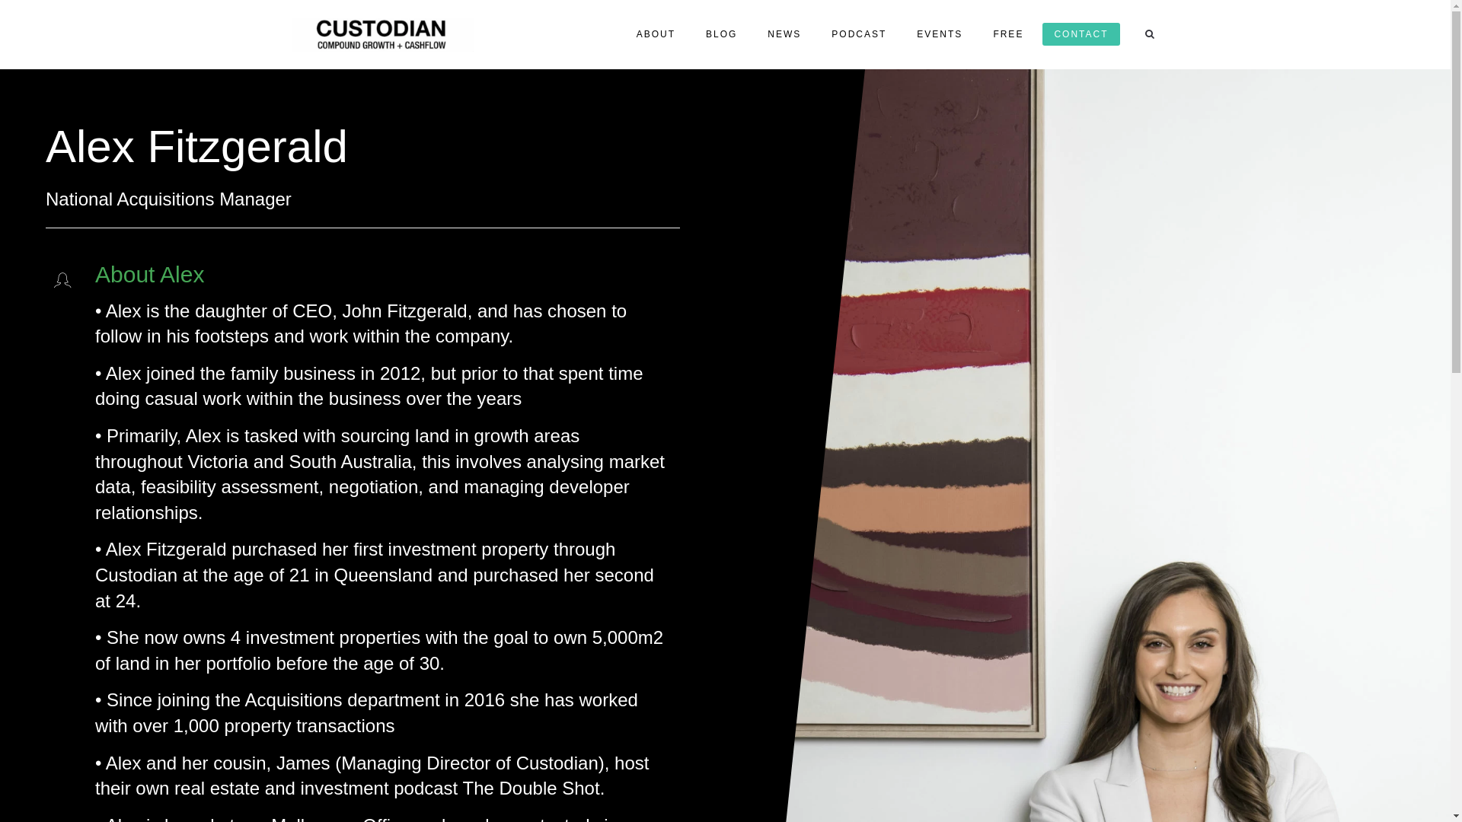 Image resolution: width=1462 pixels, height=822 pixels. I want to click on 'PODCAST', so click(819, 34).